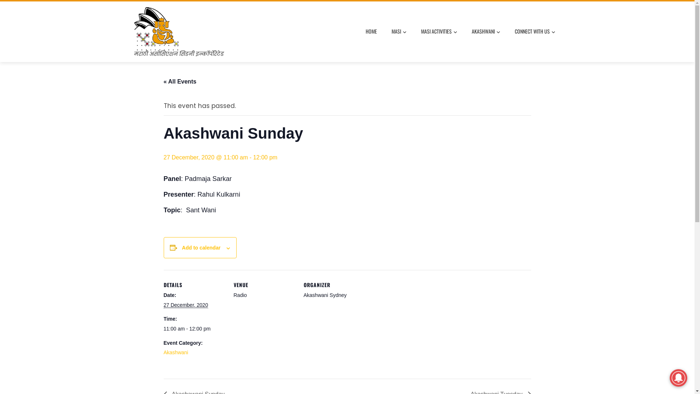  Describe the element at coordinates (534, 31) in the screenshot. I see `'CONNECT WITH US'` at that location.